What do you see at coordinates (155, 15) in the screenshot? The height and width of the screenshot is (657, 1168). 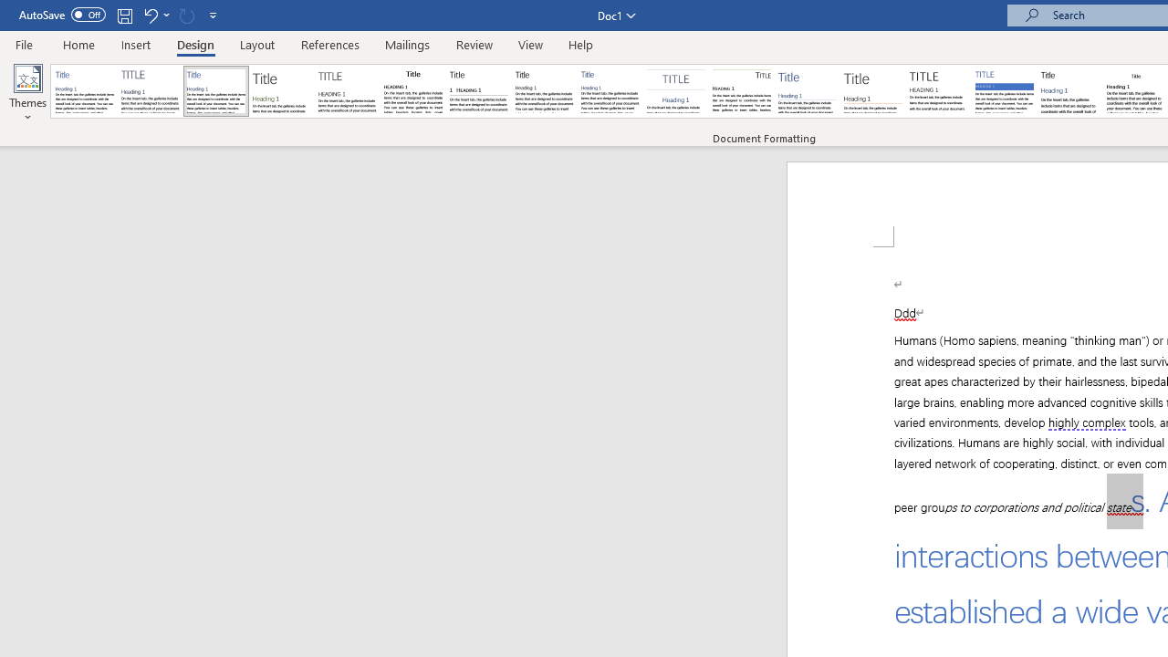 I see `'Undo Apply Quick Style Set'` at bounding box center [155, 15].